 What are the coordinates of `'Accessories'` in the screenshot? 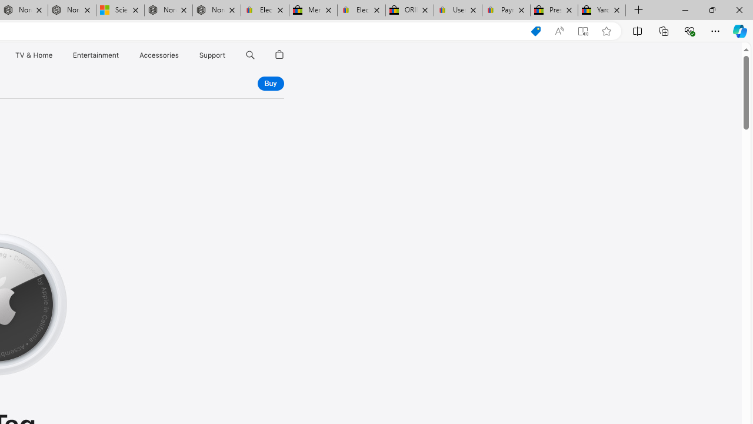 It's located at (158, 55).